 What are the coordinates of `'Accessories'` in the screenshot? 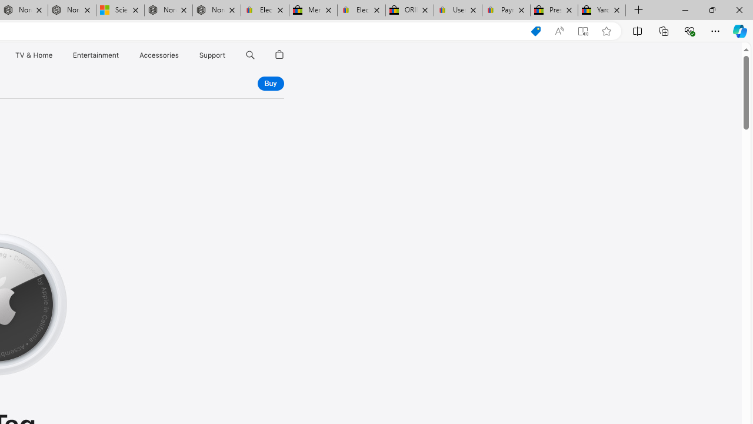 It's located at (158, 55).